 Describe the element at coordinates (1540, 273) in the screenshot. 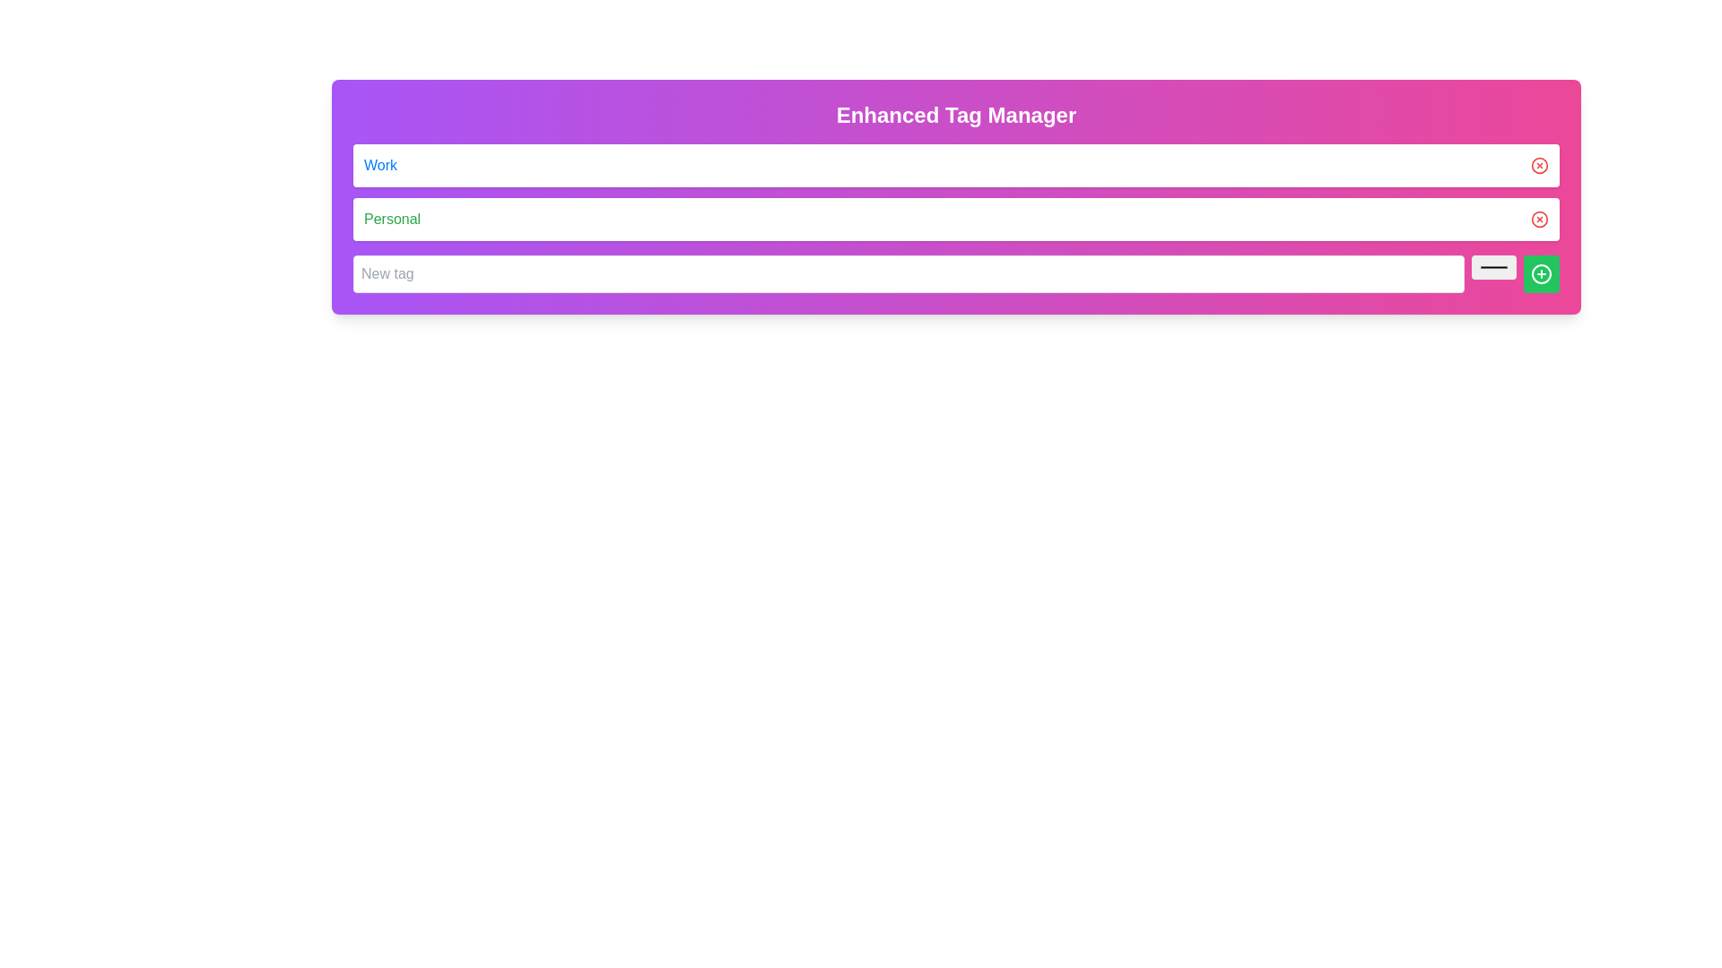

I see `the green circular button with a white plus icon` at that location.